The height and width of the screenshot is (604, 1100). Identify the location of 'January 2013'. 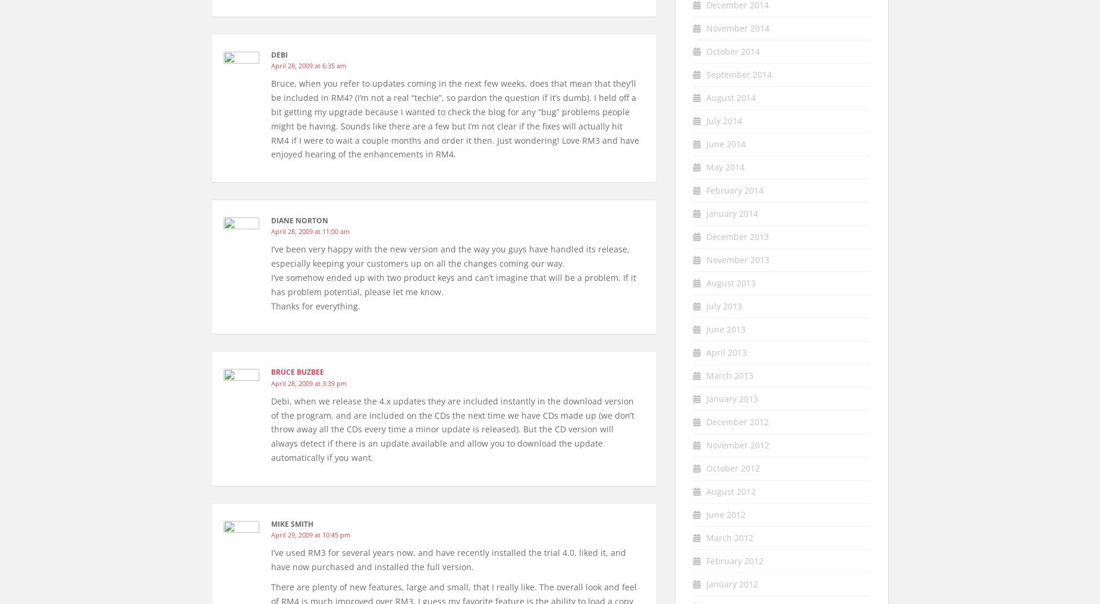
(731, 398).